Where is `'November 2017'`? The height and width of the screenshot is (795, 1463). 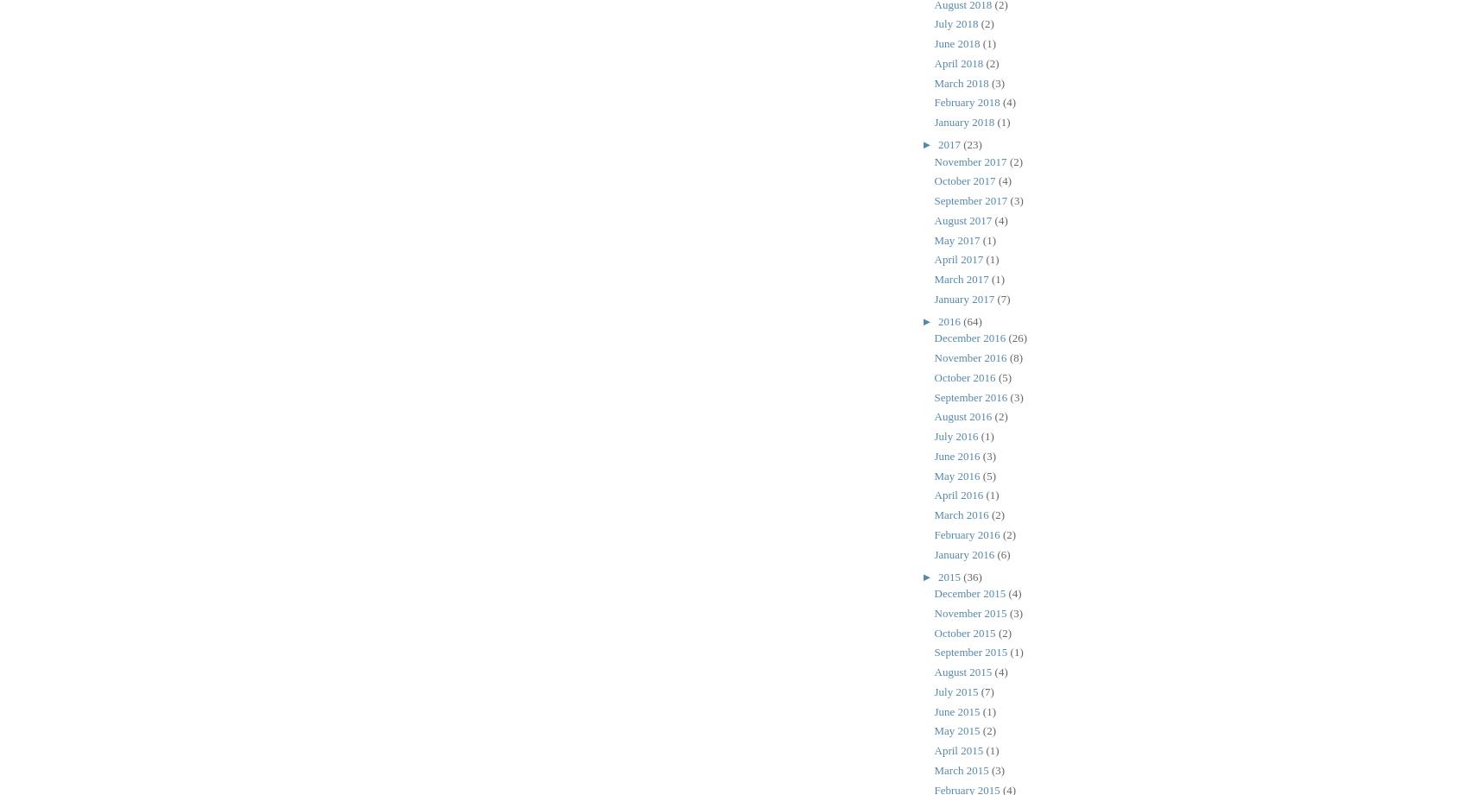
'November 2017' is located at coordinates (970, 160).